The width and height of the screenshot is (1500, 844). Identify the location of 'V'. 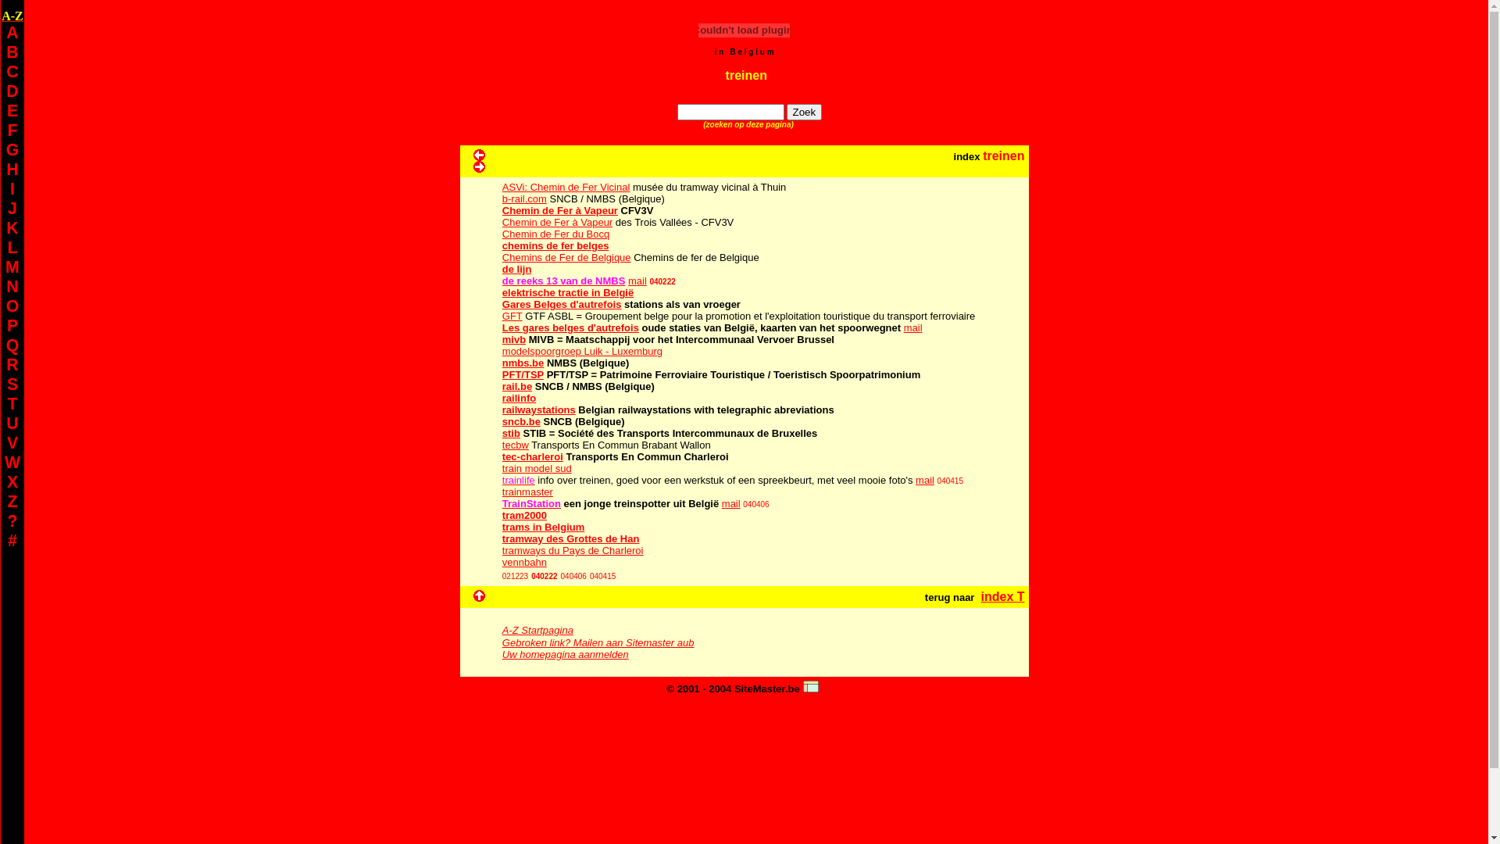
(12, 443).